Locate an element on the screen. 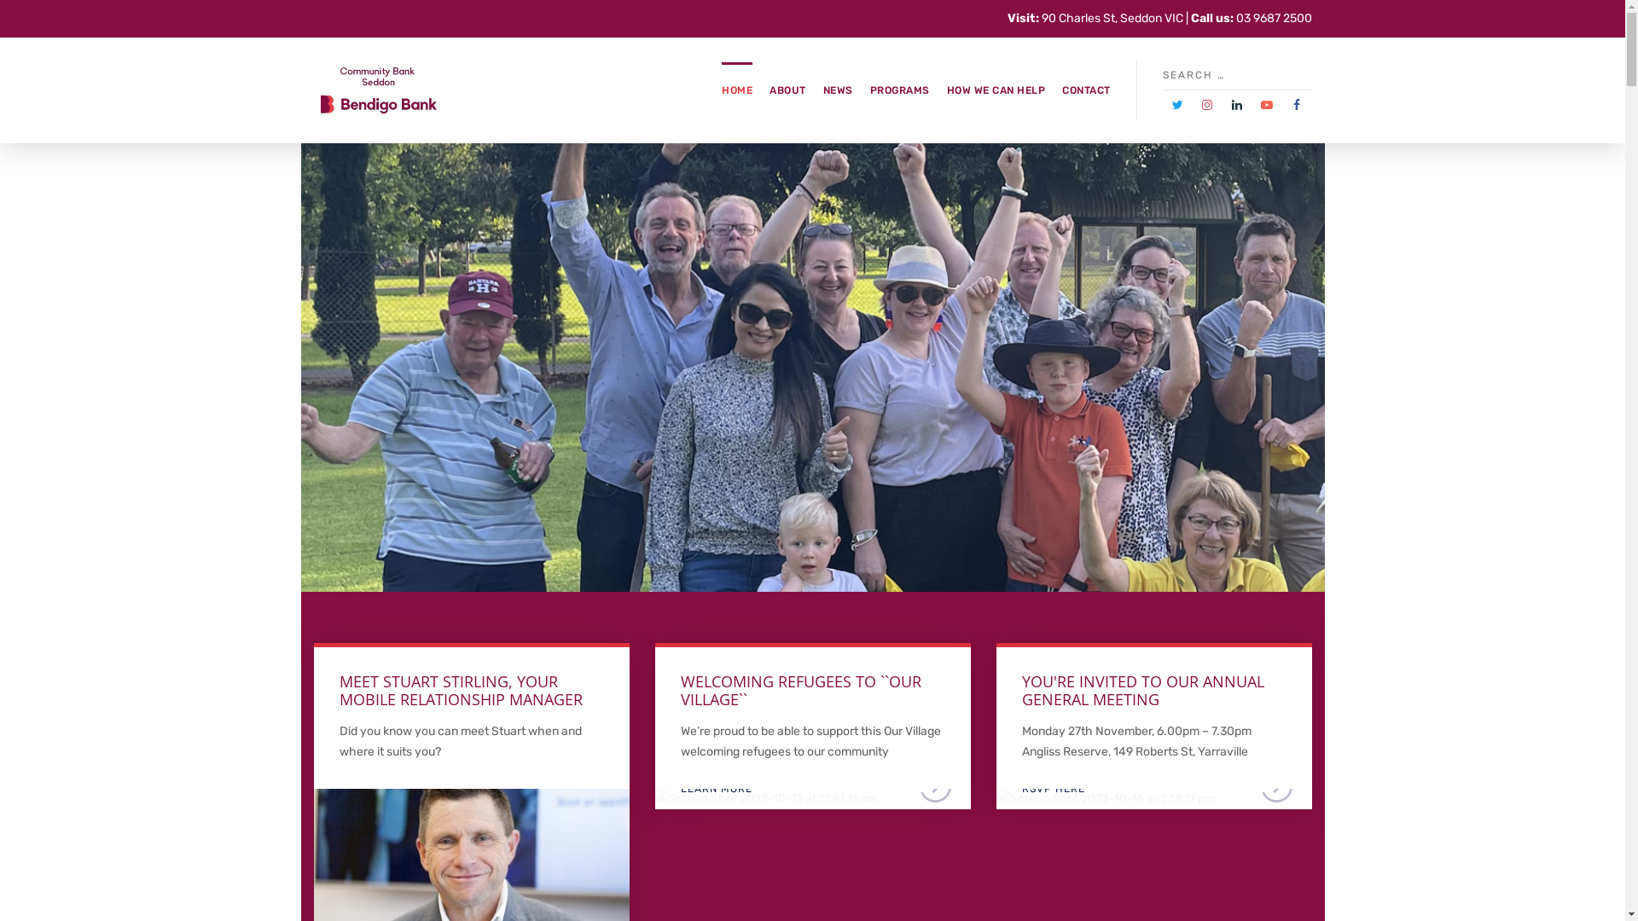 The width and height of the screenshot is (1638, 921). 'Screen Shot 2023-10-12 at 11.51.11 am' is located at coordinates (764, 798).